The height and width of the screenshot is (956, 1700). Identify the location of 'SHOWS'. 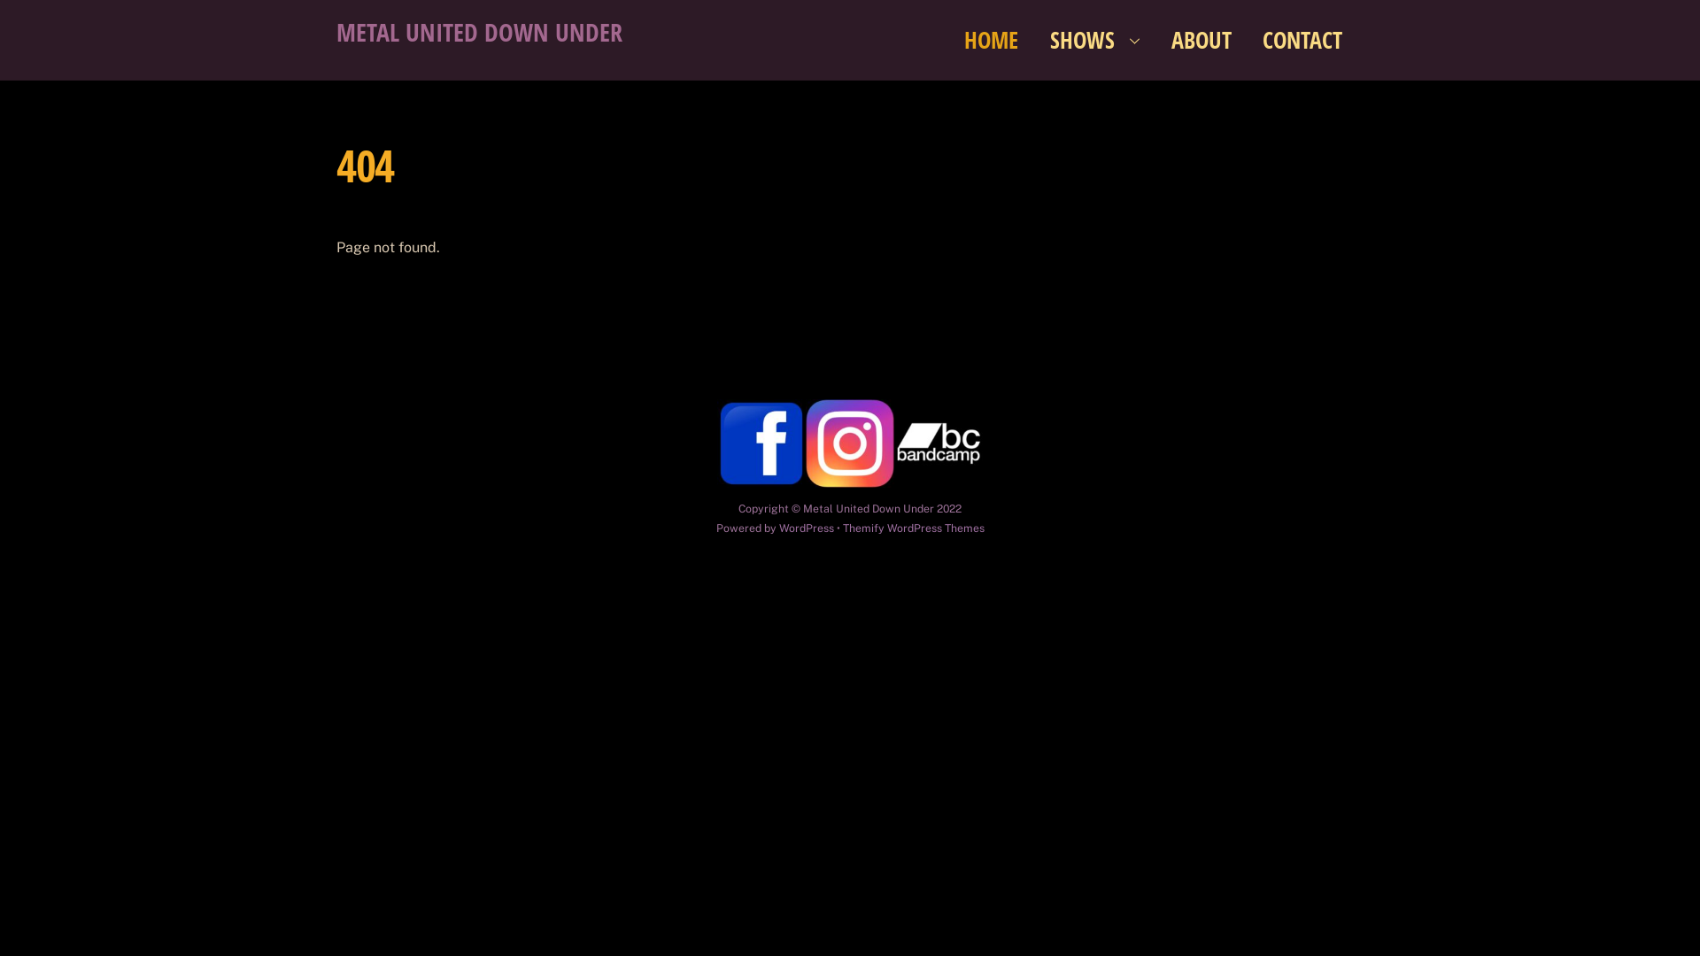
(1094, 40).